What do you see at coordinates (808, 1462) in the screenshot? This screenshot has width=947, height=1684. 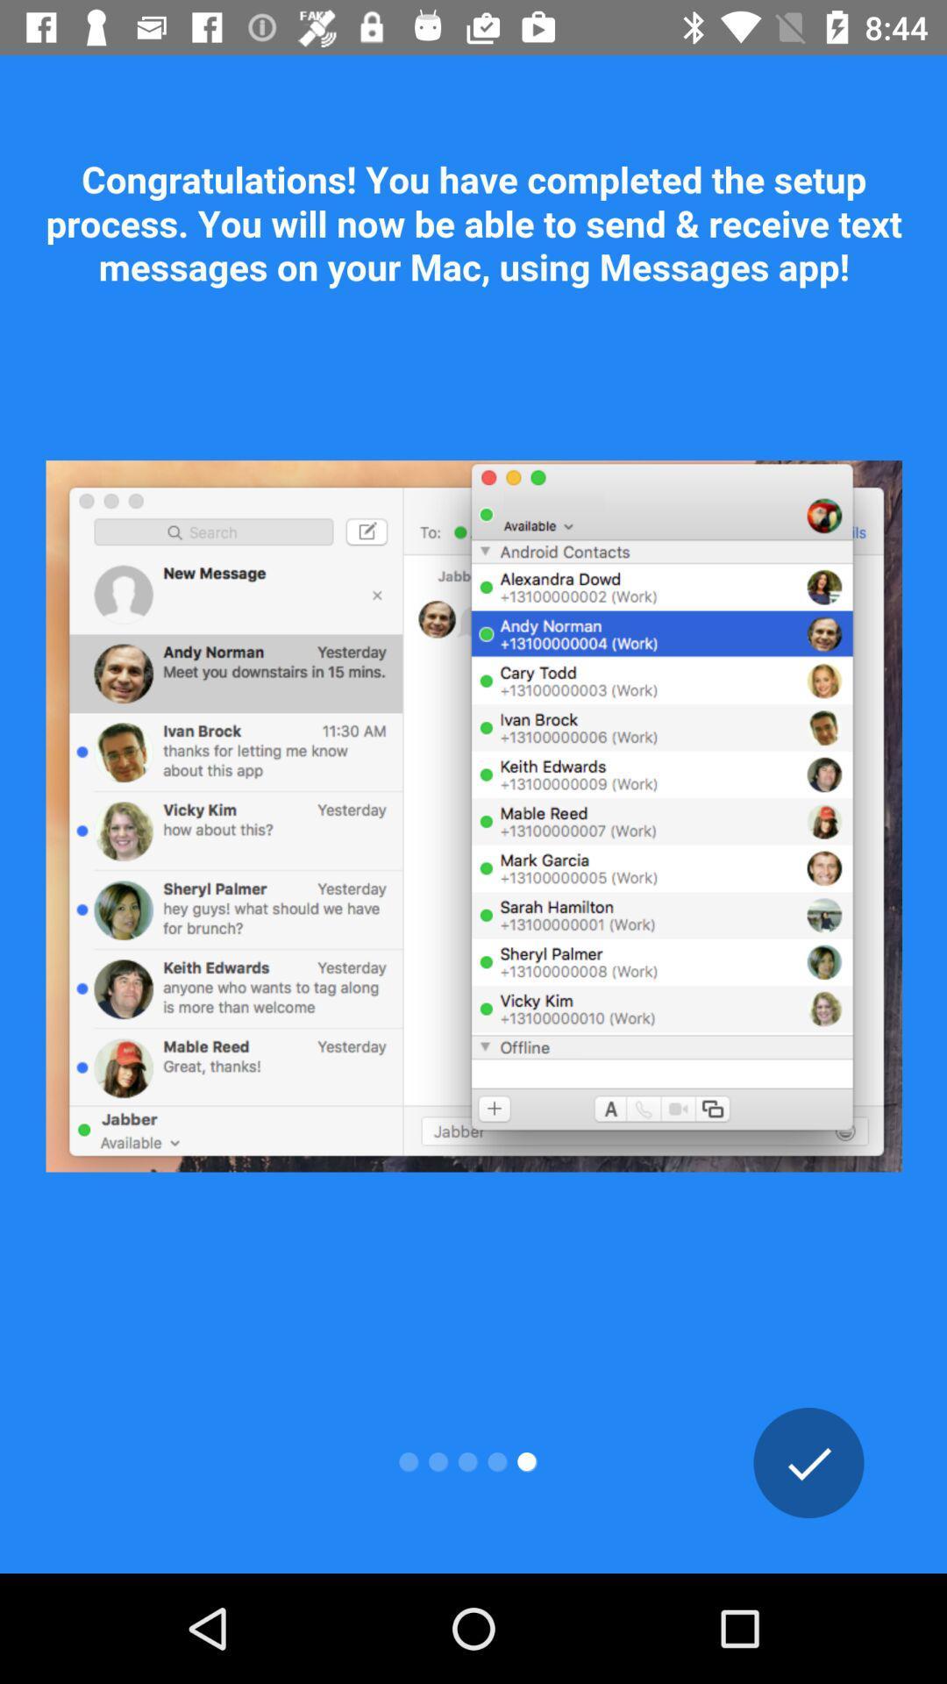 I see `the check icon` at bounding box center [808, 1462].